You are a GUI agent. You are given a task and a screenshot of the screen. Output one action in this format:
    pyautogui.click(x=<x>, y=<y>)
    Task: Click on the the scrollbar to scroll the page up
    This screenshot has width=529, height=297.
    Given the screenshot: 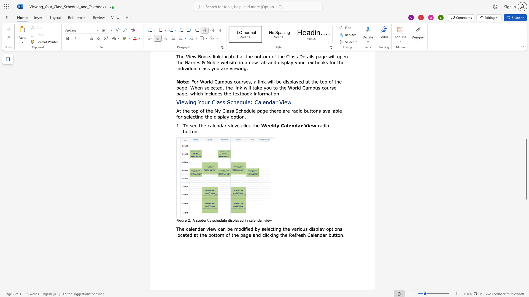 What is the action you would take?
    pyautogui.click(x=526, y=98)
    